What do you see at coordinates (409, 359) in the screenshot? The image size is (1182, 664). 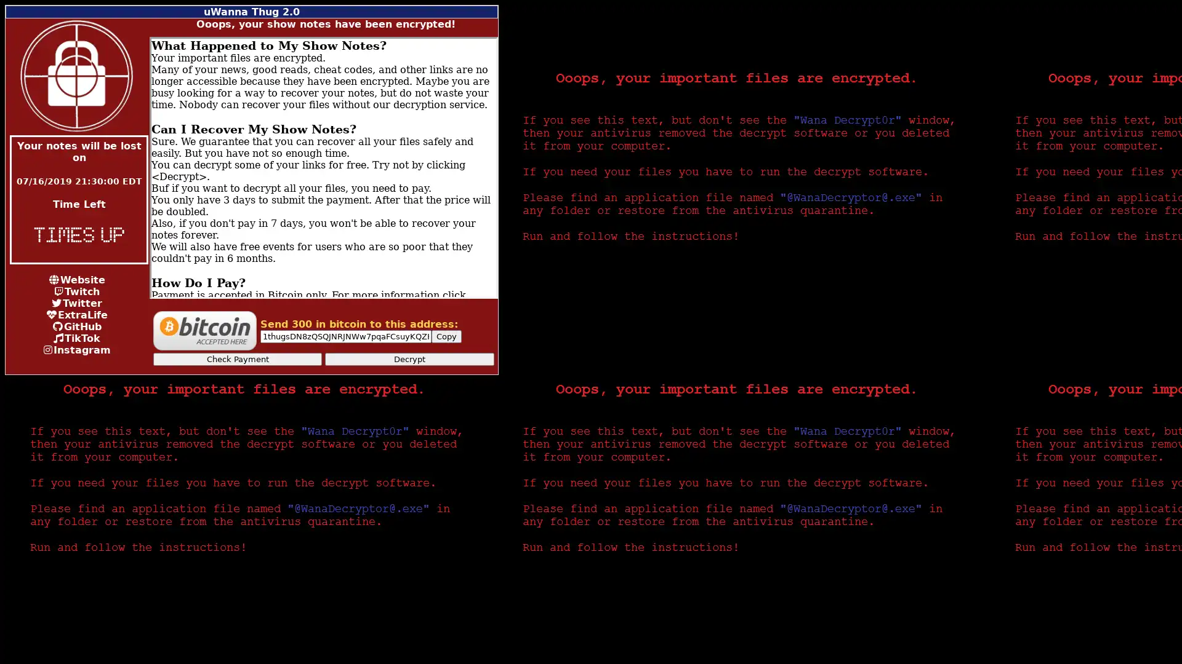 I see `Decrypt` at bounding box center [409, 359].